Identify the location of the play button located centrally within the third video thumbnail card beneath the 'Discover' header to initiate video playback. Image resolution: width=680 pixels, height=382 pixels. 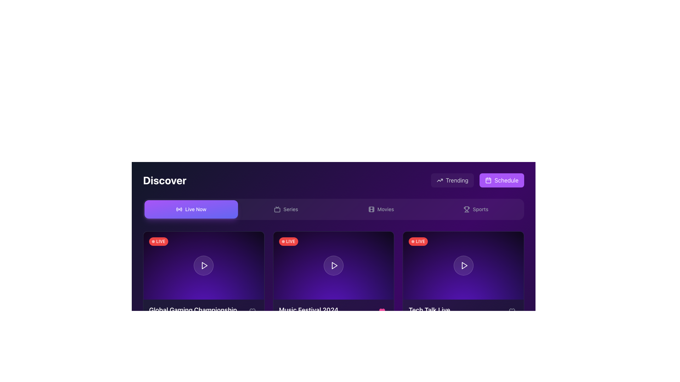
(463, 265).